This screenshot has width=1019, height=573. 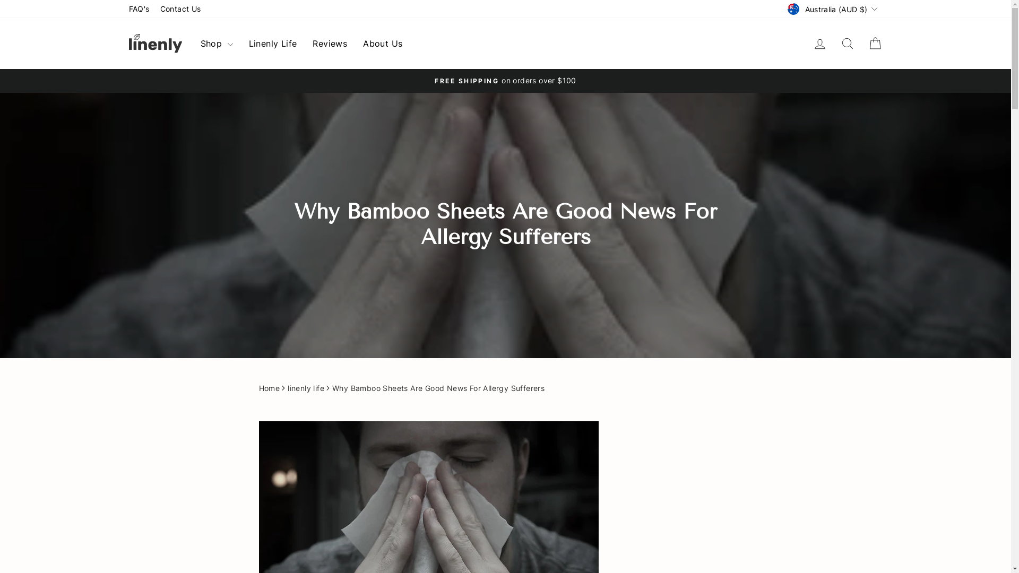 What do you see at coordinates (874, 43) in the screenshot?
I see `'Cart'` at bounding box center [874, 43].